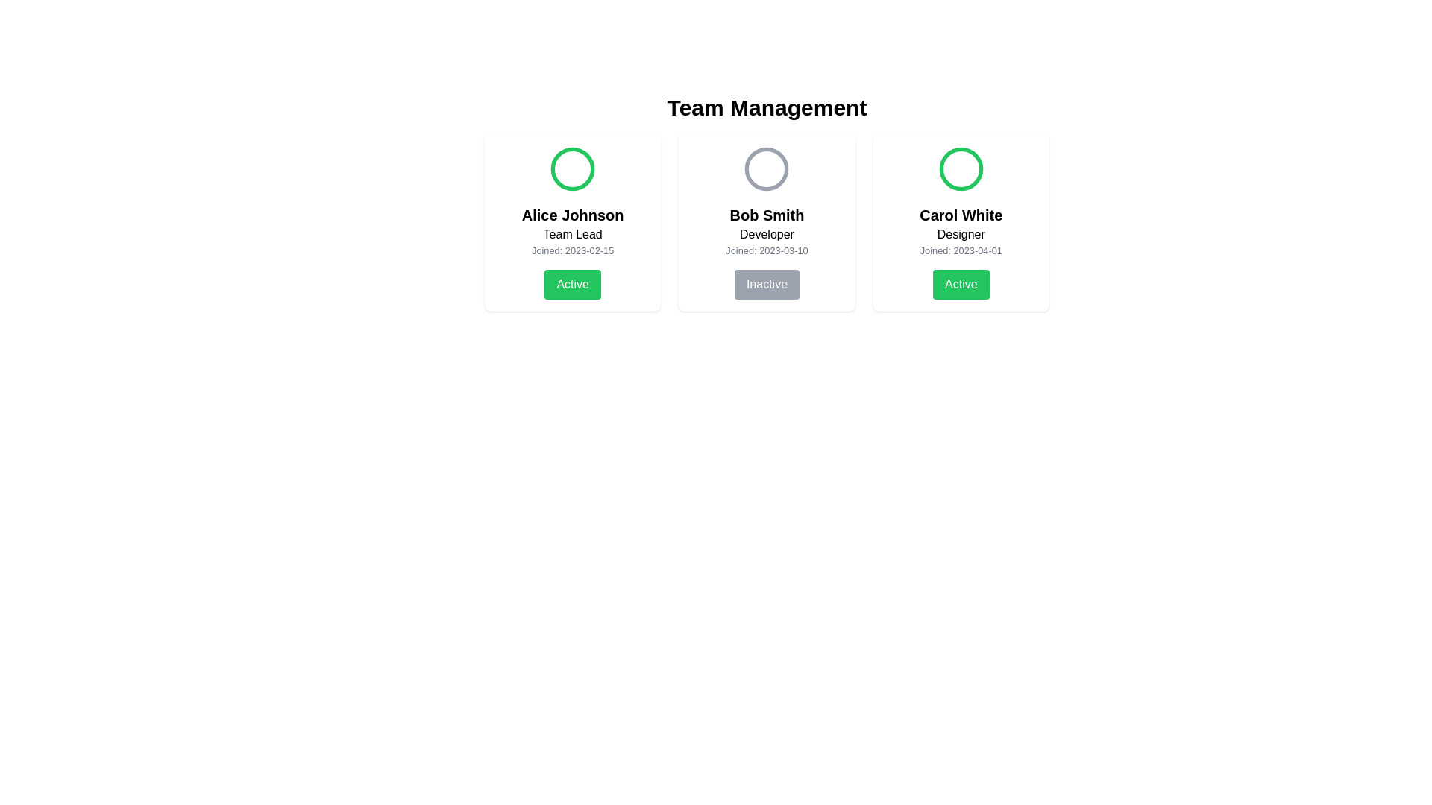 The width and height of the screenshot is (1432, 805). Describe the element at coordinates (767, 250) in the screenshot. I see `the static text indicating the joining date of the person, which is located in the third row of text in the central profile card, directly below 'Developer' and above the 'Inactive' status button` at that location.